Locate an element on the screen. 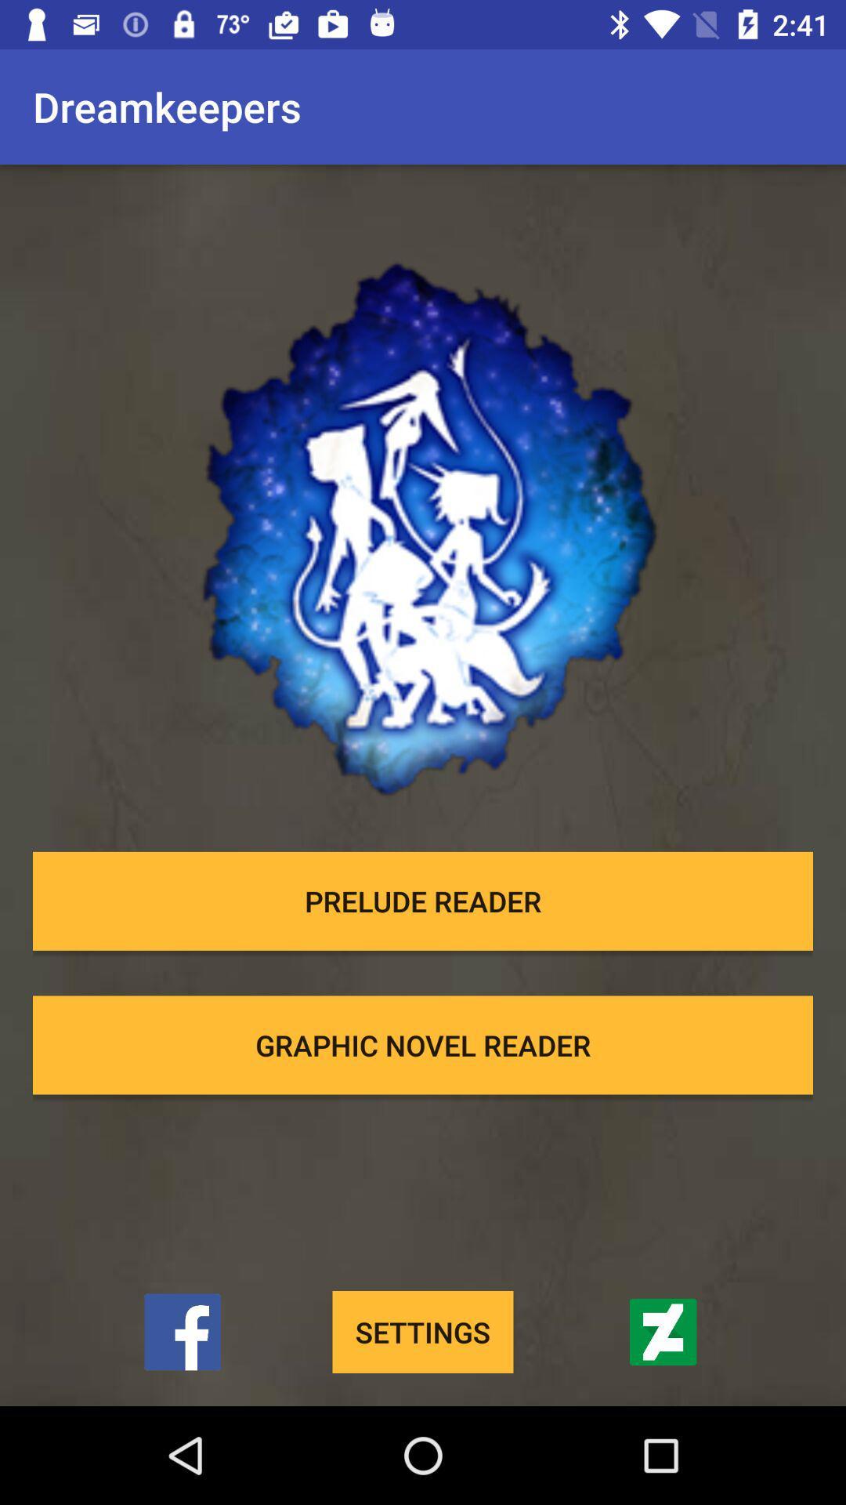  item above the prelude reader item is located at coordinates (423, 506).